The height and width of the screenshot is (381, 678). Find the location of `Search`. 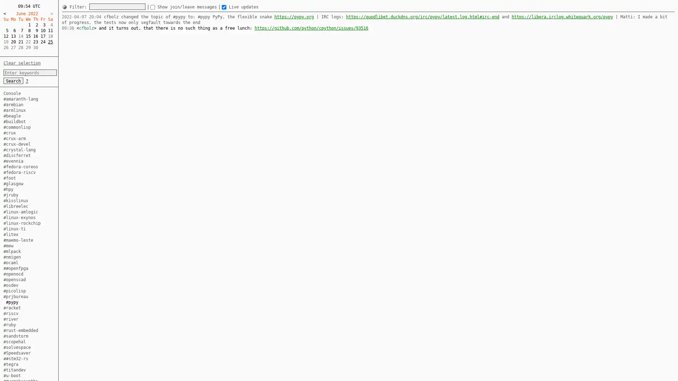

Search is located at coordinates (13, 80).